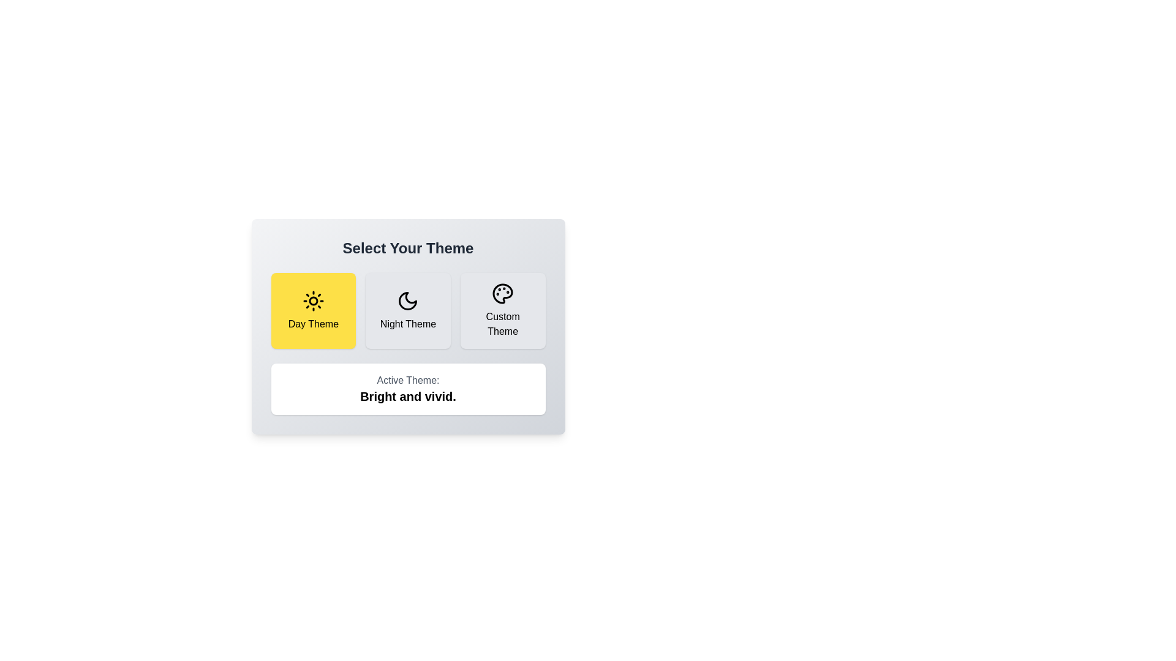 The image size is (1176, 661). Describe the element at coordinates (408, 310) in the screenshot. I see `the theme by clicking on the button corresponding to Night Theme` at that location.